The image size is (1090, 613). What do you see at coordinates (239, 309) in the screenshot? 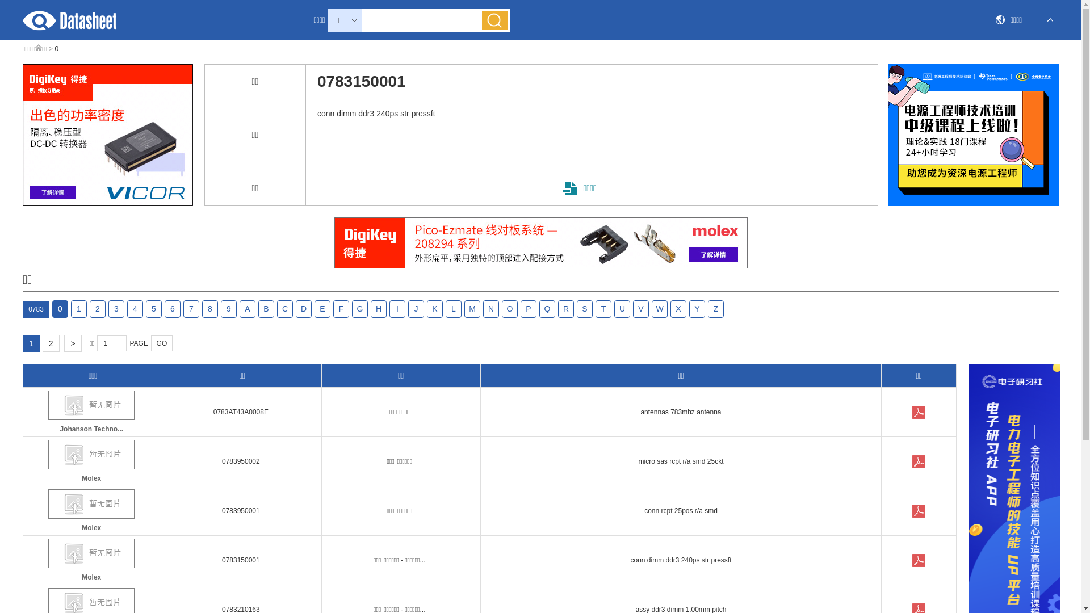
I see `'A'` at bounding box center [239, 309].